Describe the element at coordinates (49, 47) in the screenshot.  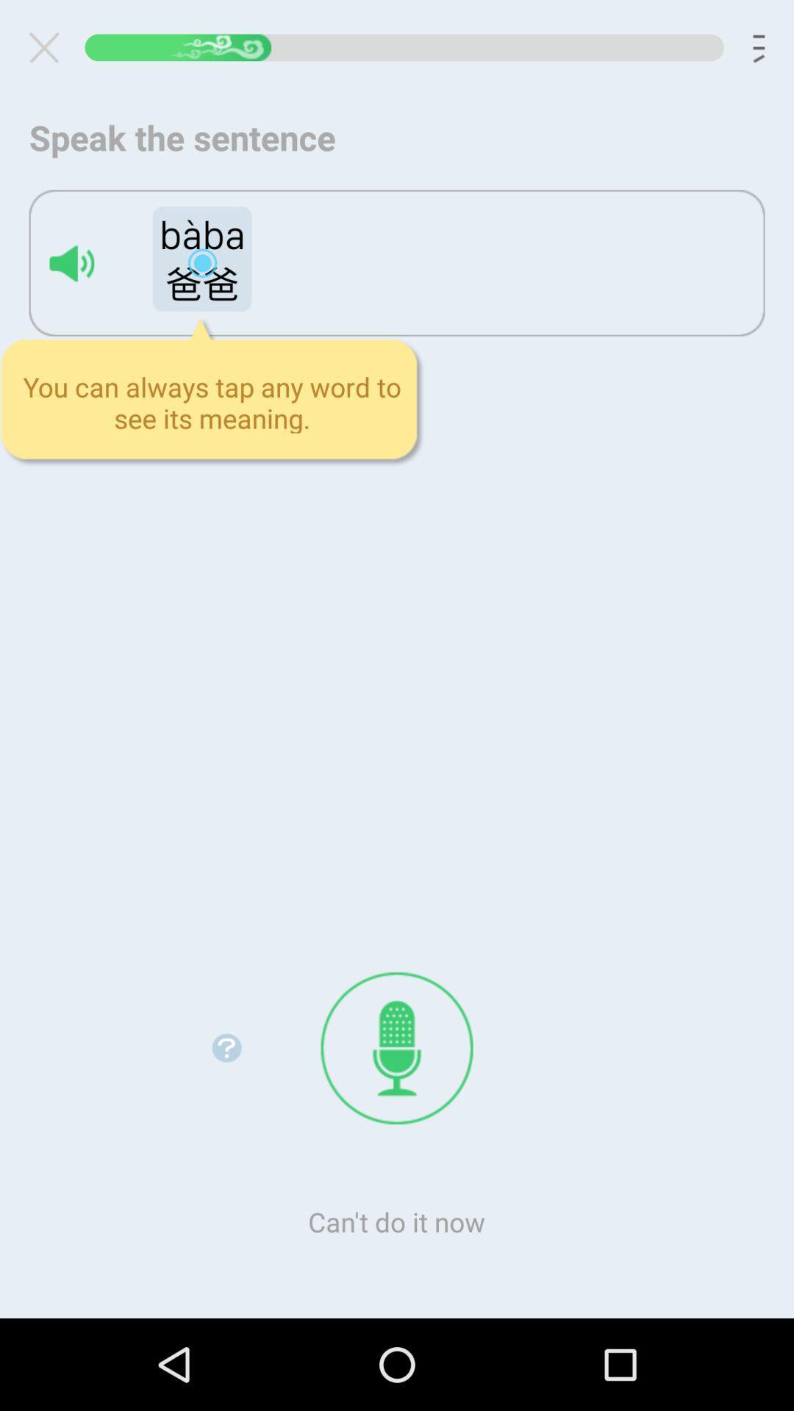
I see `exit out` at that location.